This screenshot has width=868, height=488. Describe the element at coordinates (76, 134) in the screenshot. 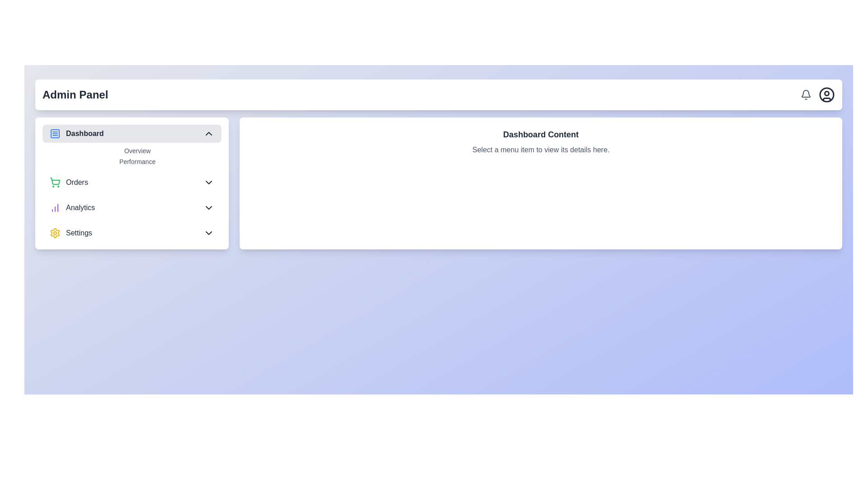

I see `the 'Dashboard' navigation item, which is the first option` at that location.